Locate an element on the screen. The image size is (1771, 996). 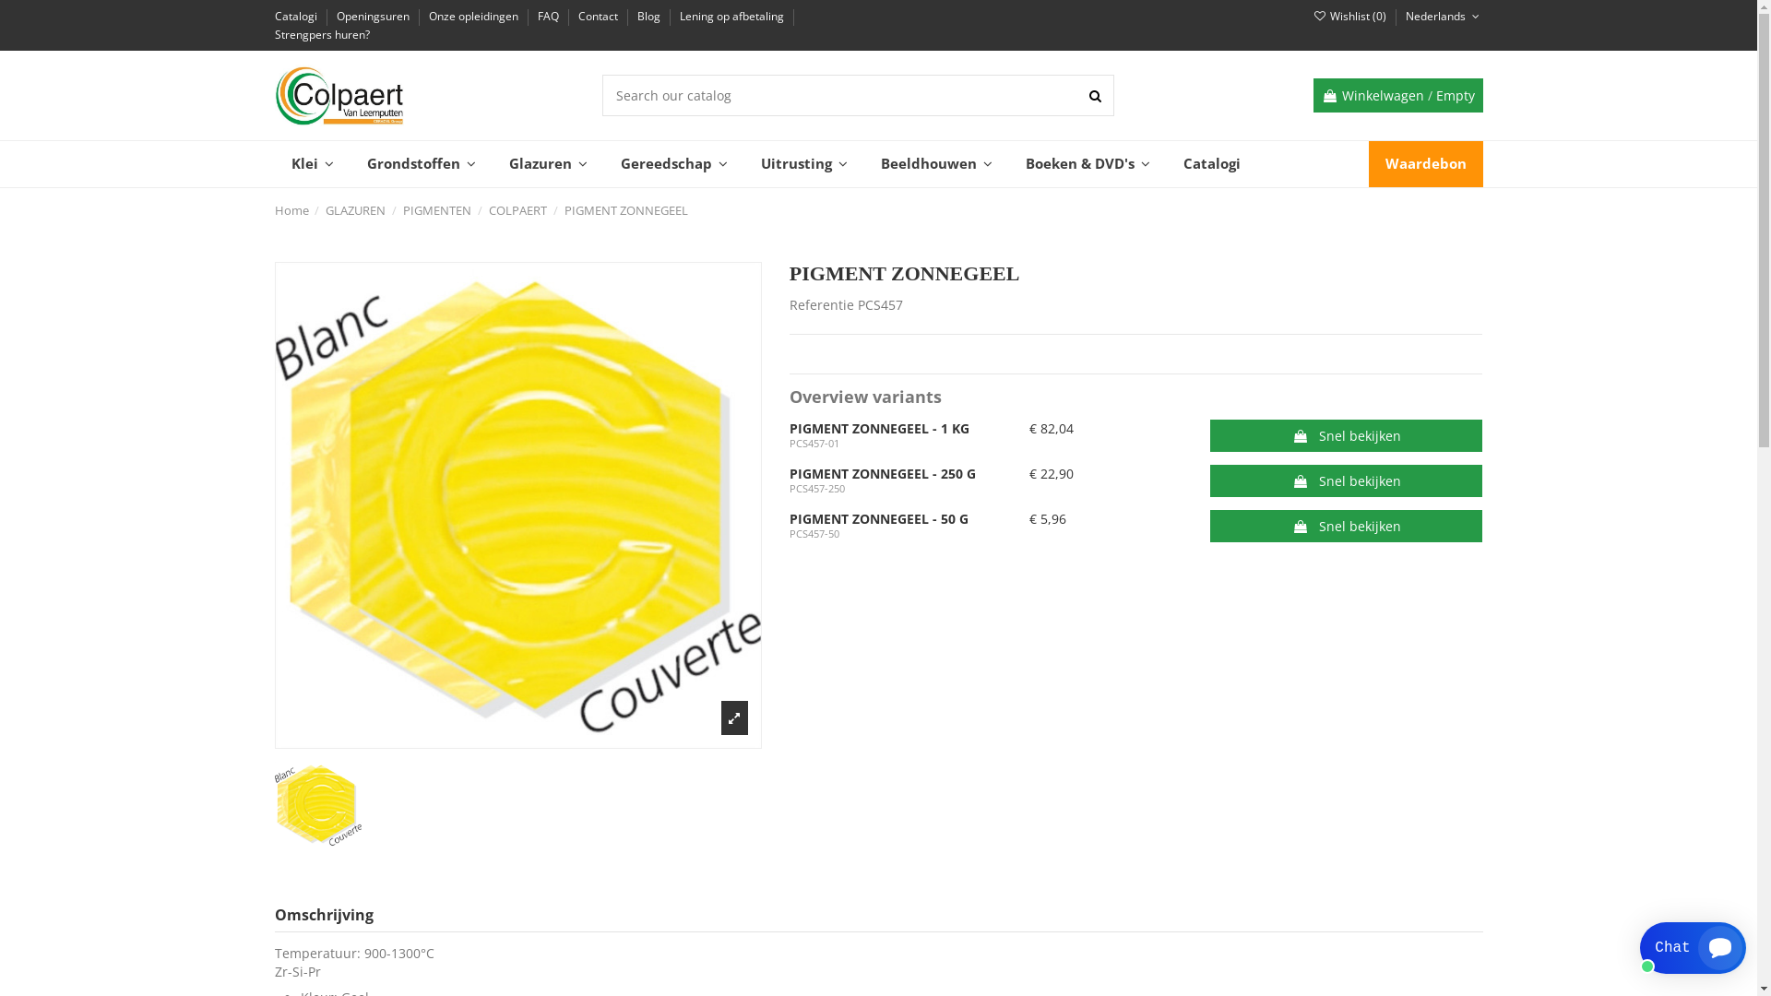
'Boeken & DVD's' is located at coordinates (1008, 162).